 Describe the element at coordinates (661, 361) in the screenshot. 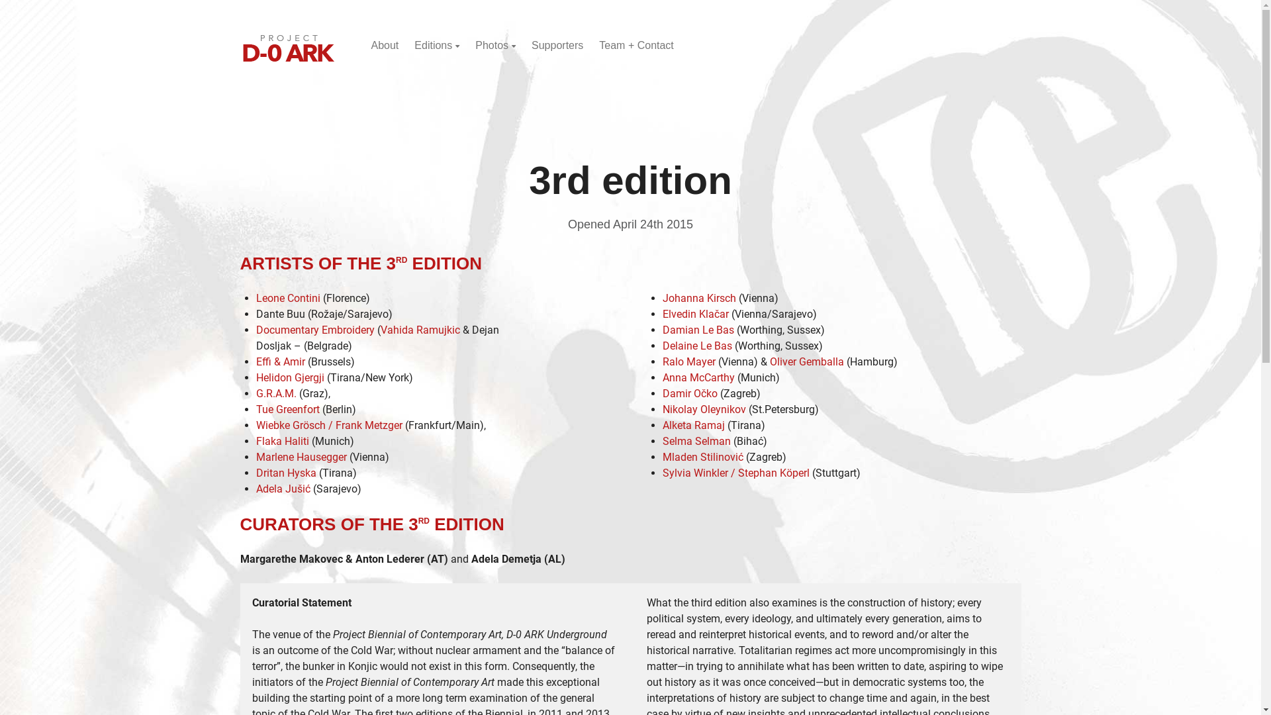

I see `'Ralo Mayer'` at that location.